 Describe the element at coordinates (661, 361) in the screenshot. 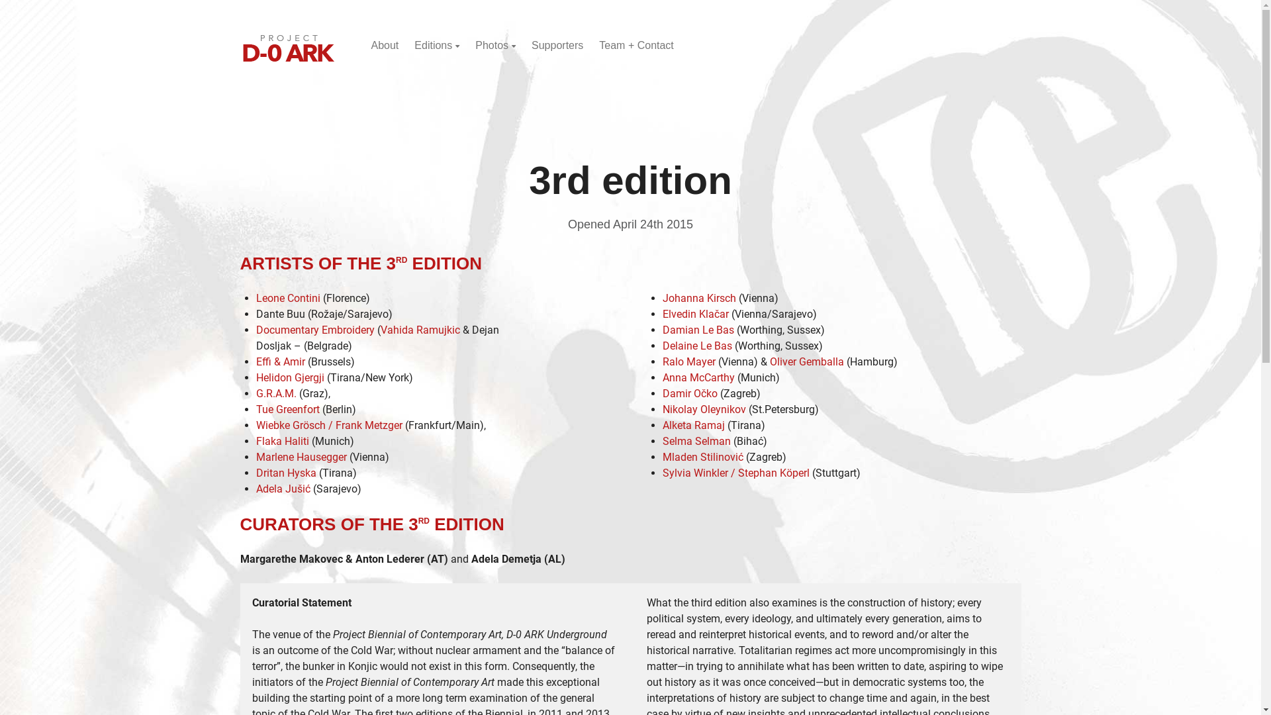

I see `'Ralo Mayer'` at that location.